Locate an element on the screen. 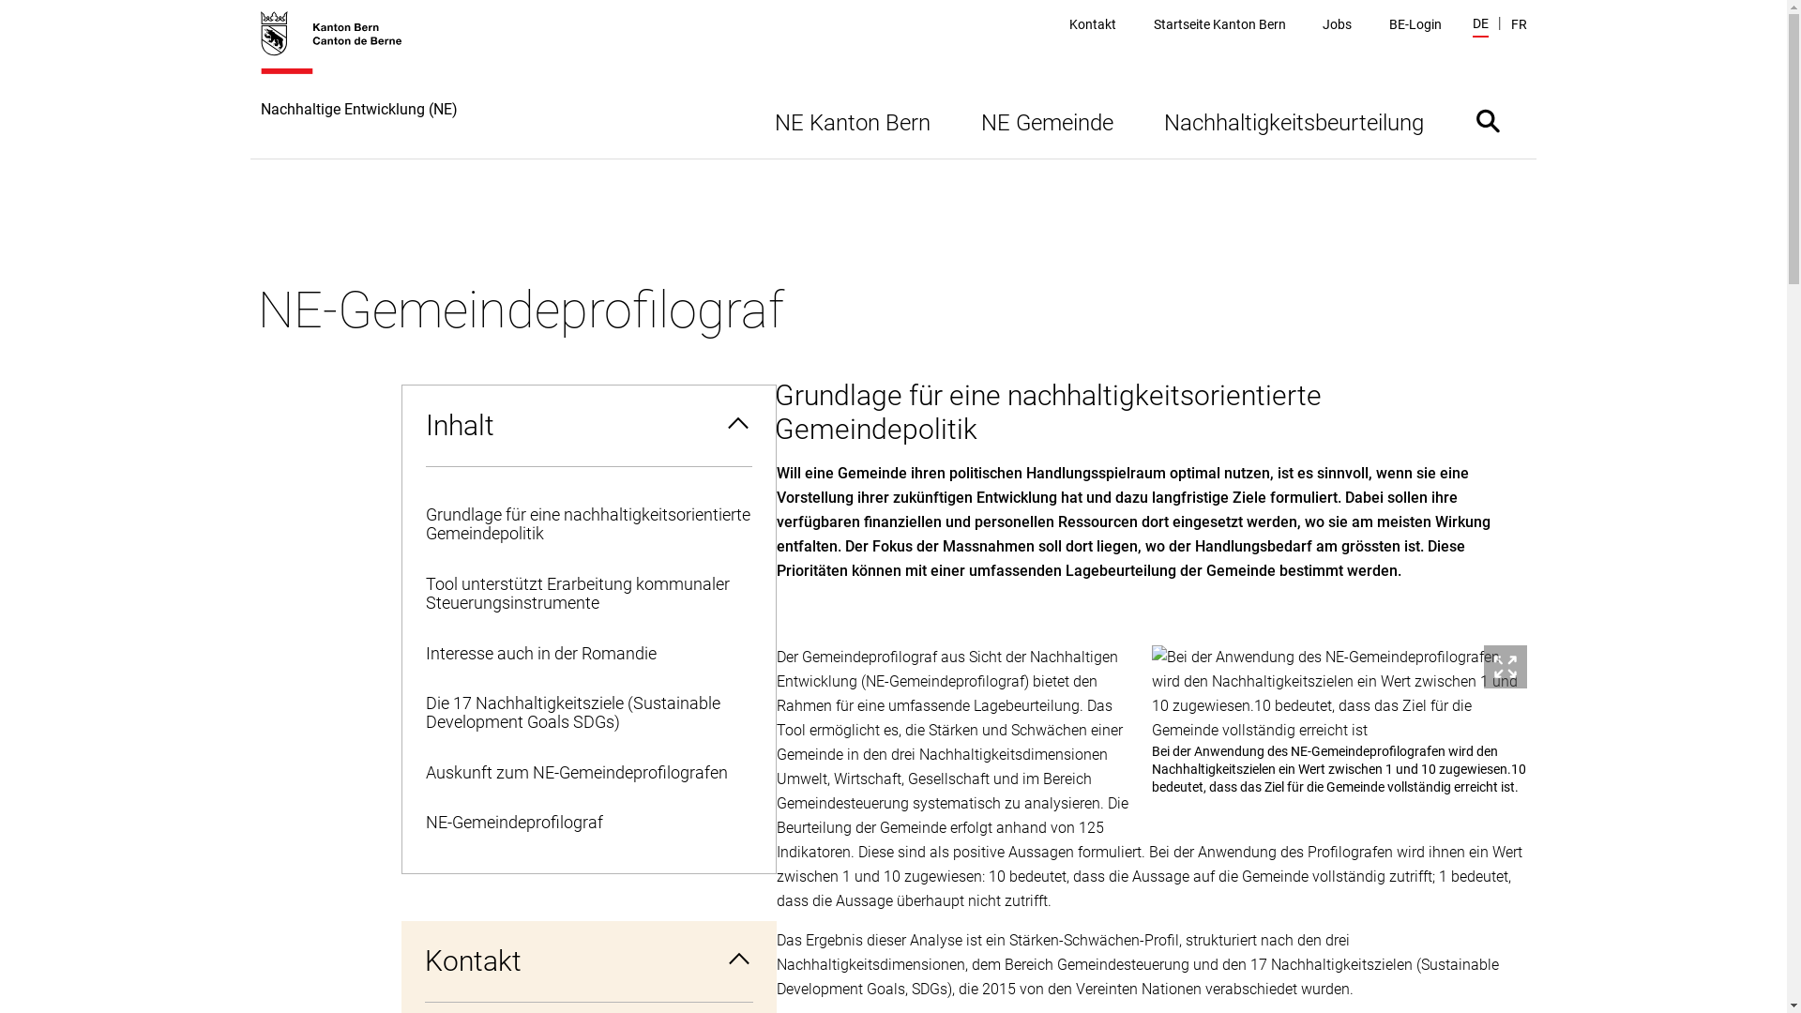 Image resolution: width=1801 pixels, height=1013 pixels. 'Auskunft zum NE-Gemeindeprofilografen' is located at coordinates (587, 773).